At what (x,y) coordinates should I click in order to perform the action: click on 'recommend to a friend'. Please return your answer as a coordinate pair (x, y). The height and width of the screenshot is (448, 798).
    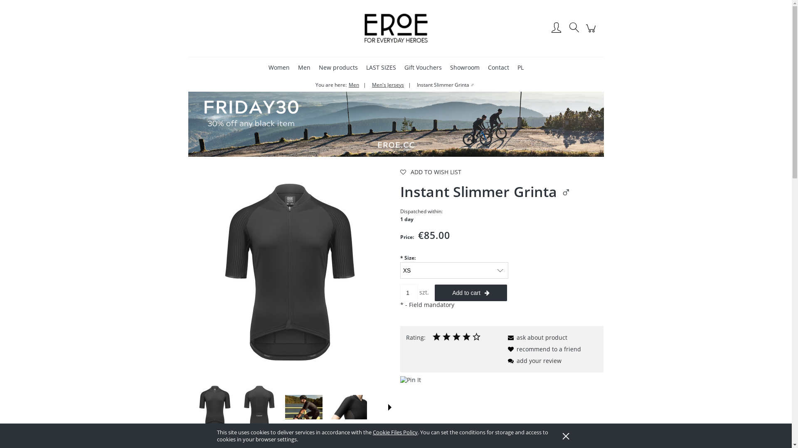
    Looking at the image, I should click on (543, 349).